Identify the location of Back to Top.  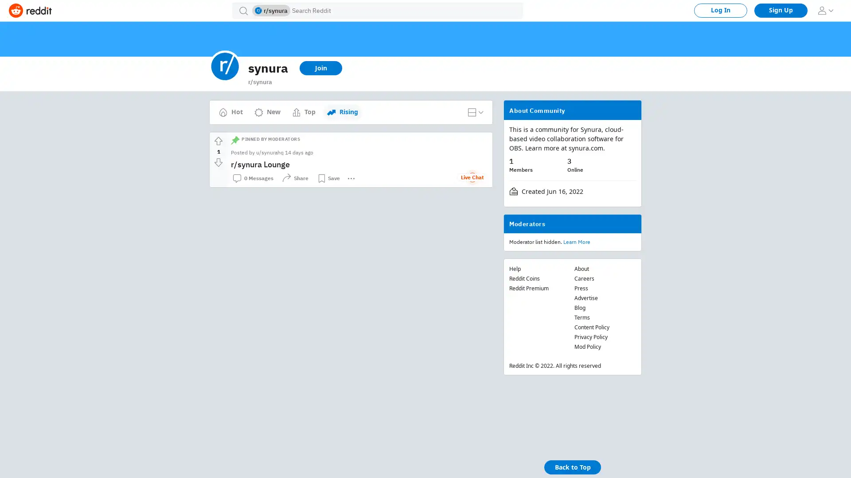
(572, 467).